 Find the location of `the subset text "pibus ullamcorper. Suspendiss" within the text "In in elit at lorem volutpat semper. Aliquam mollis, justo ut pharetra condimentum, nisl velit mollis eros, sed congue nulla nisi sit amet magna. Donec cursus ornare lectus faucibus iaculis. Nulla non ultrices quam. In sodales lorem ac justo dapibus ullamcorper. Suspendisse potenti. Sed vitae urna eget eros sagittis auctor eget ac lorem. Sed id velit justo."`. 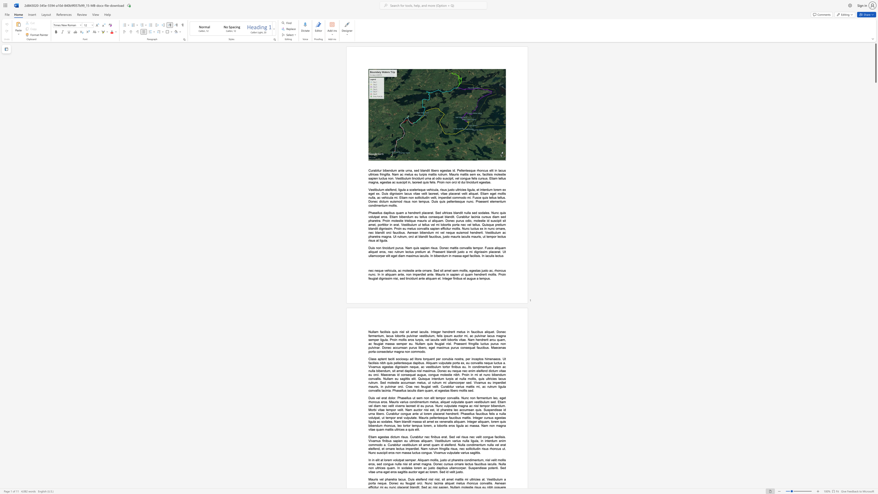

the subset text "pibus ullamcorper. Suspendiss" within the text "In in elit at lorem volutpat semper. Aliquam mollis, justo ut pharetra condimentum, nisl velit mollis eros, sed congue nulla nisi sit amet magna. Donec cursus ornare lectus faucibus iaculis. Nulla non ultrices quam. In sodales lorem ac justo dapibus ullamcorper. Suspendisse potenti. Sed vitae urna eget eros sagittis auctor eget ac lorem. Sed id velit justo." is located at coordinates (440, 467).